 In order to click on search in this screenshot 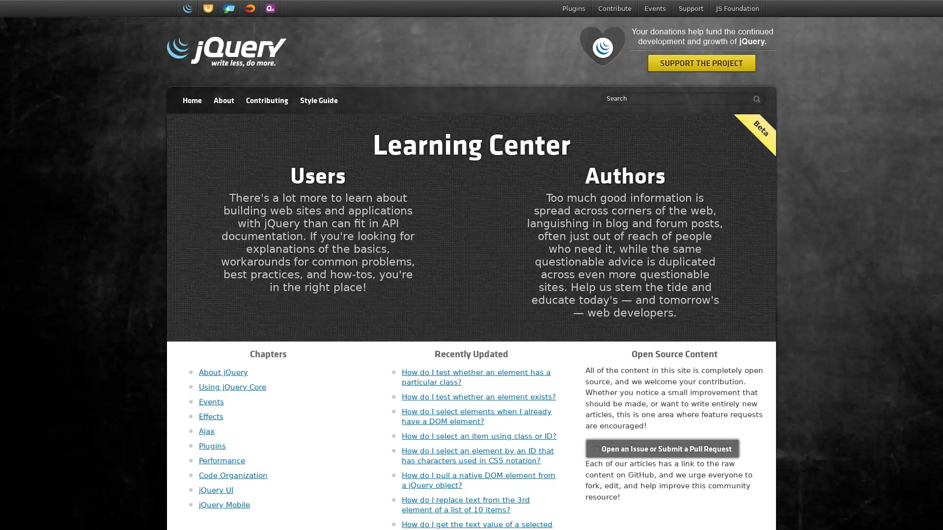, I will do `click(754, 99)`.